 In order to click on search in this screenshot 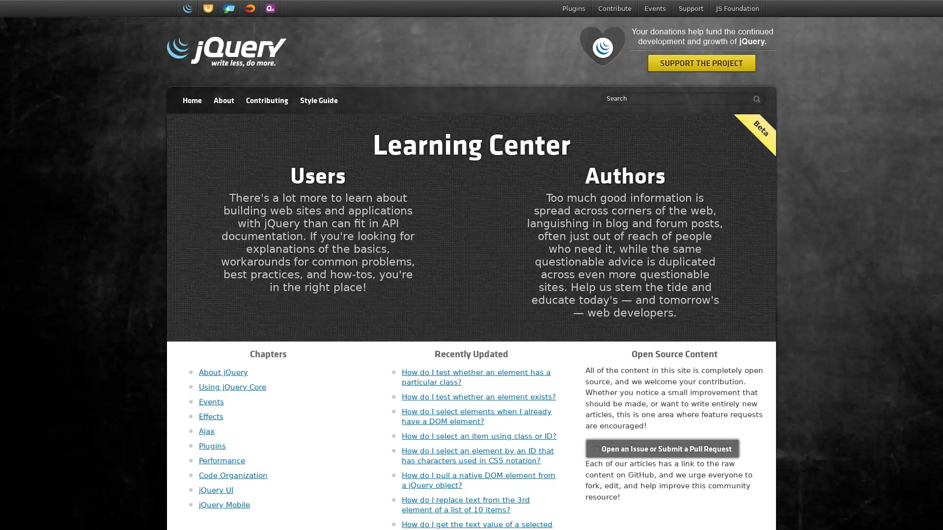, I will do `click(754, 99)`.